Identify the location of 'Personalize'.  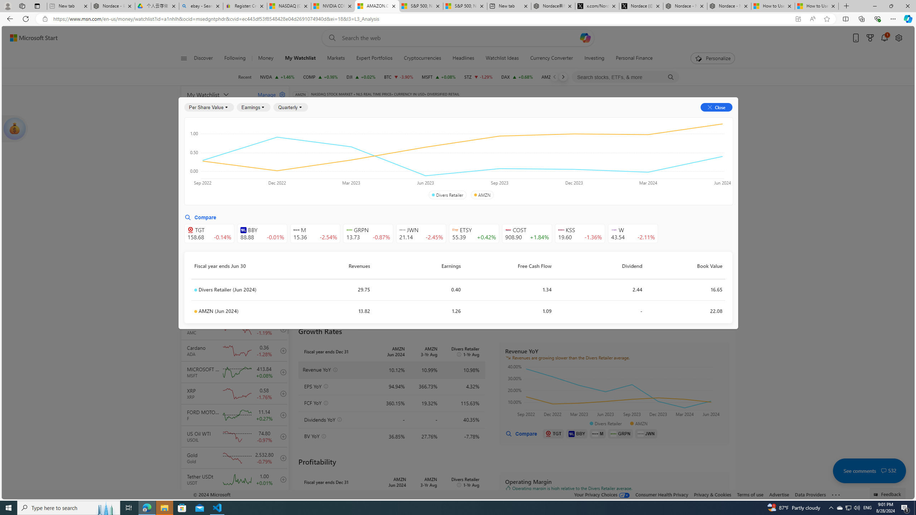
(712, 58).